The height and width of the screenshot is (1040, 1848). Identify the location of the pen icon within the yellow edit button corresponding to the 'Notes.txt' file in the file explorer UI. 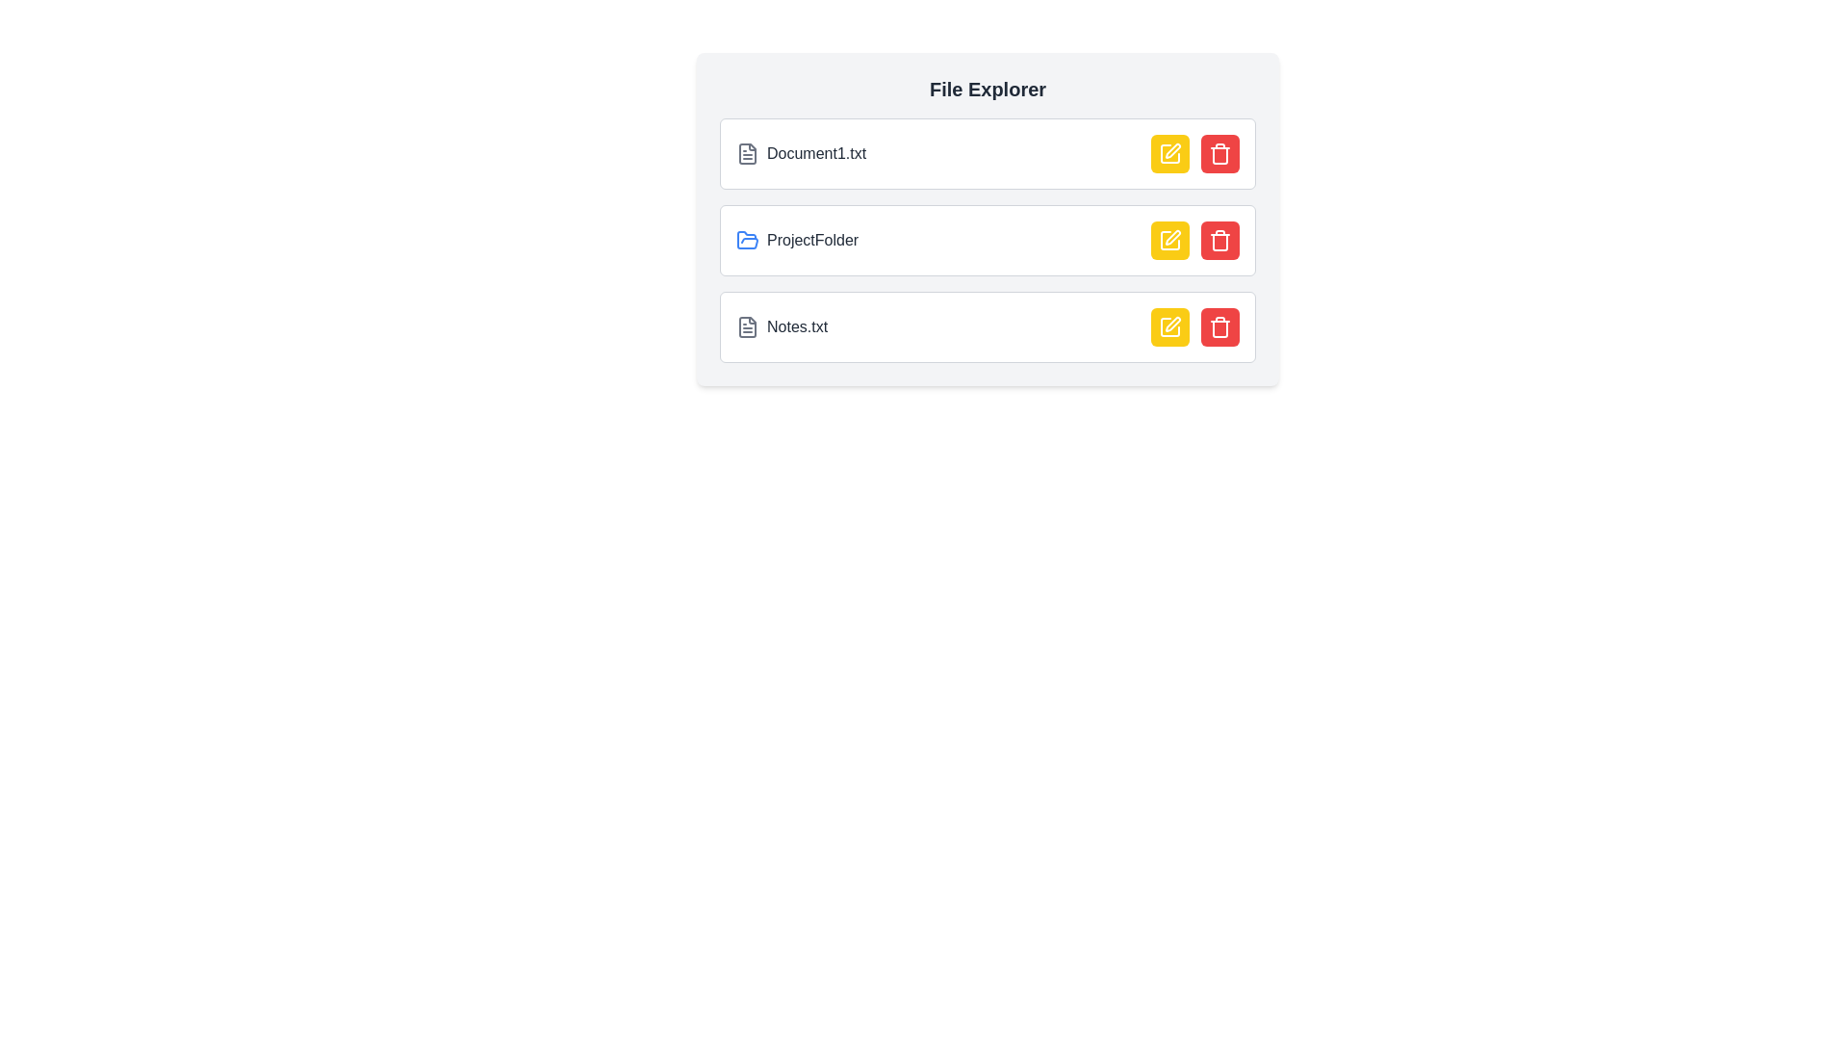
(1172, 323).